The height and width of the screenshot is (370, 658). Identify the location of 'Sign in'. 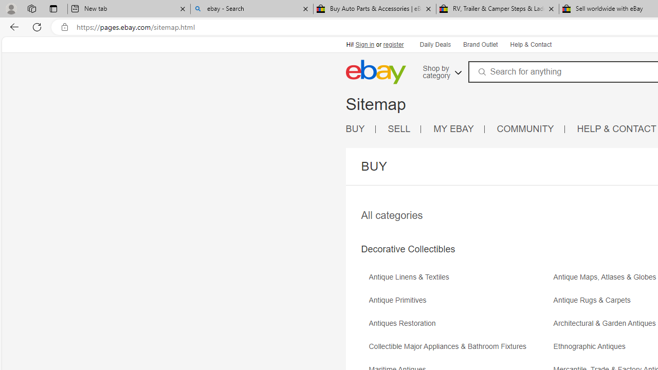
(365, 44).